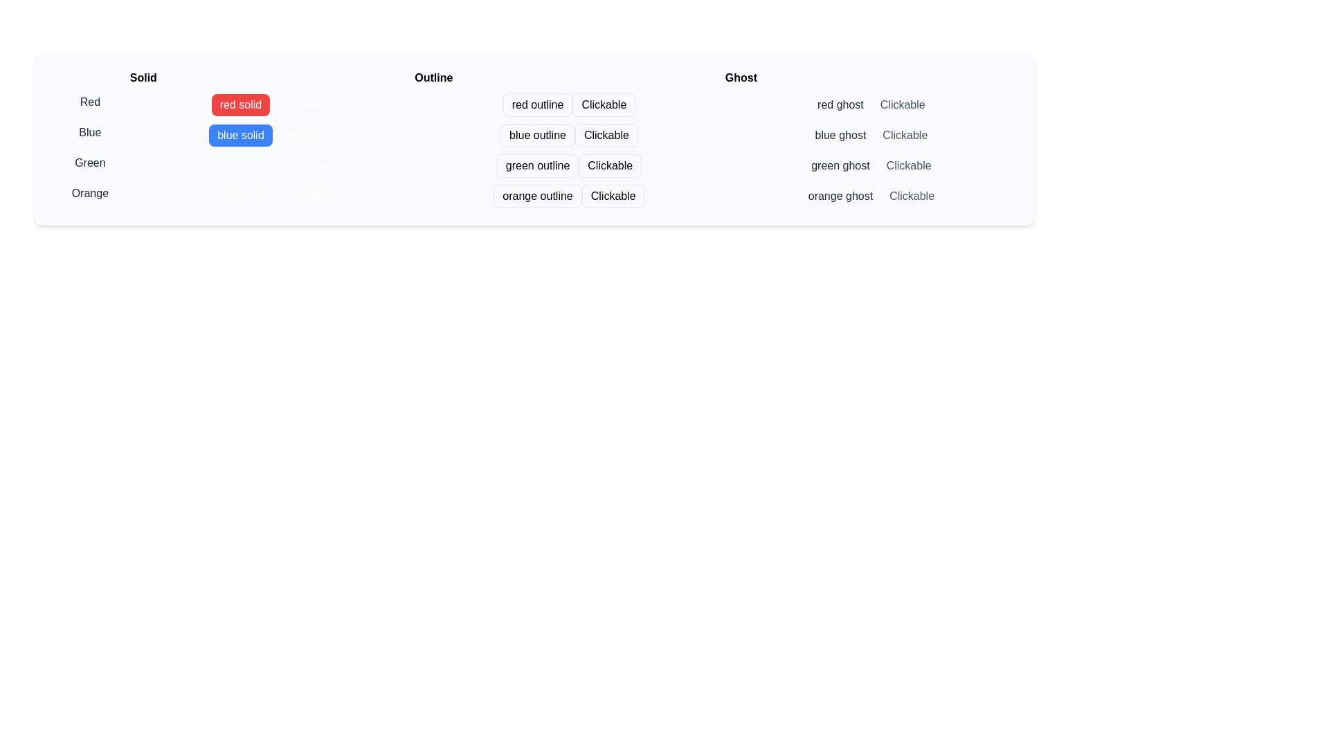 The image size is (1329, 747). I want to click on style of the labeled UI element with an orange outline located in the 'Outline' column, specifically in the 'Orange' row by clicking on its center point, so click(569, 194).